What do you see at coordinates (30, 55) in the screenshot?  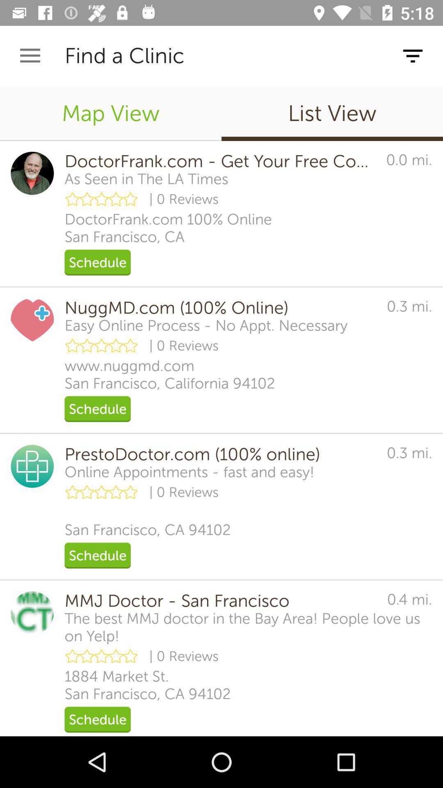 I see `icon next to find a clinic item` at bounding box center [30, 55].